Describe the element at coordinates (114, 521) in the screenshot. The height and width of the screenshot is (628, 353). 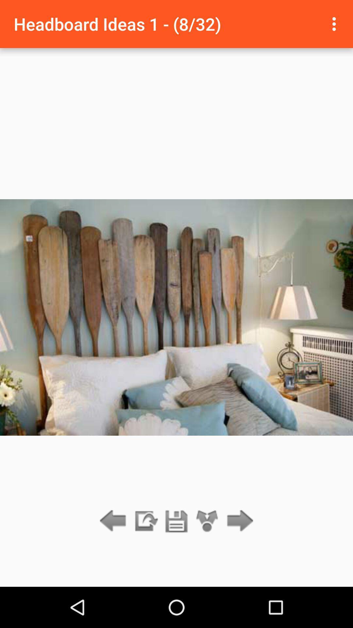
I see `previous image` at that location.